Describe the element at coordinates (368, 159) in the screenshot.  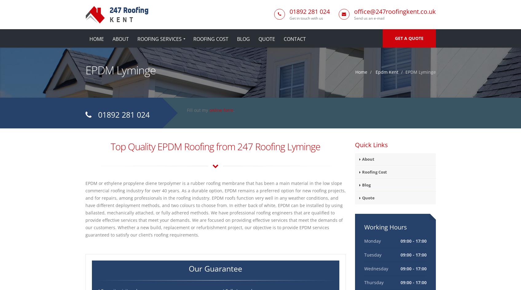
I see `'About'` at that location.